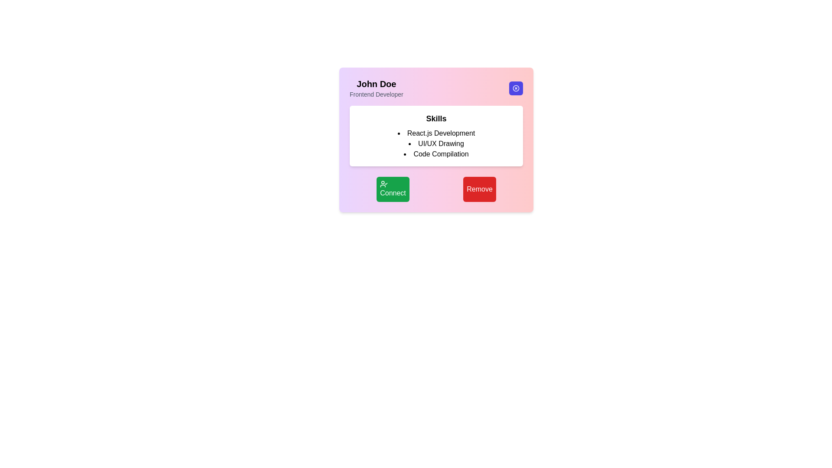 Image resolution: width=832 pixels, height=468 pixels. I want to click on the first list item 'React.js Development' in the bulleted list under the heading 'Skills', so click(436, 133).